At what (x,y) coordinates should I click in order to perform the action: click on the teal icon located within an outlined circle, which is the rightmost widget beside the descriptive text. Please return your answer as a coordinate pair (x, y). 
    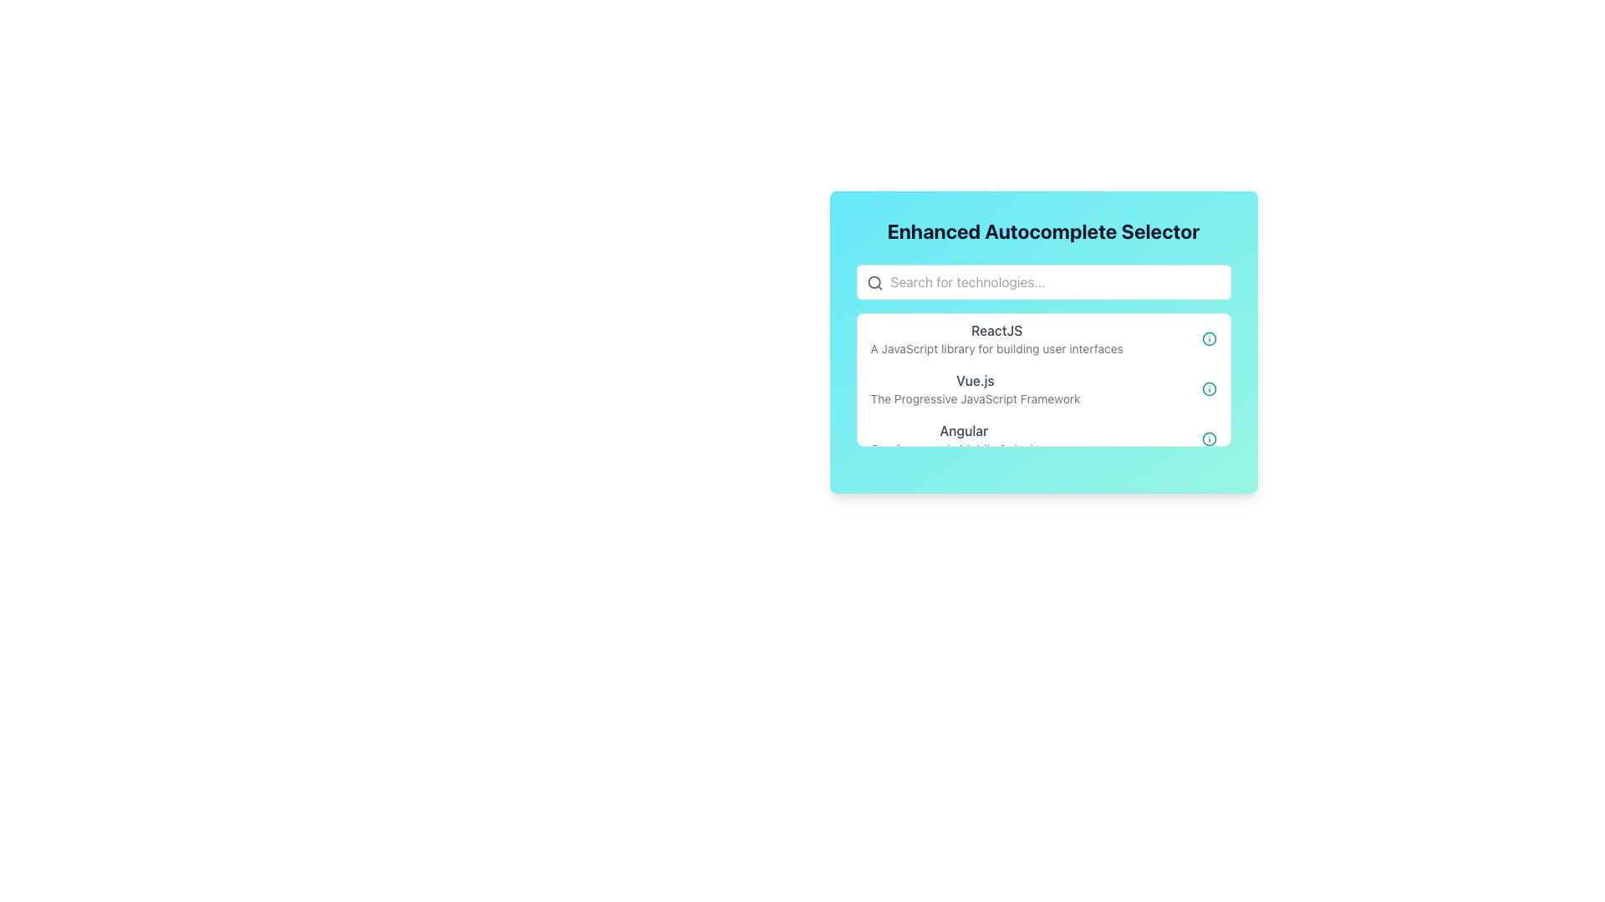
    Looking at the image, I should click on (1209, 489).